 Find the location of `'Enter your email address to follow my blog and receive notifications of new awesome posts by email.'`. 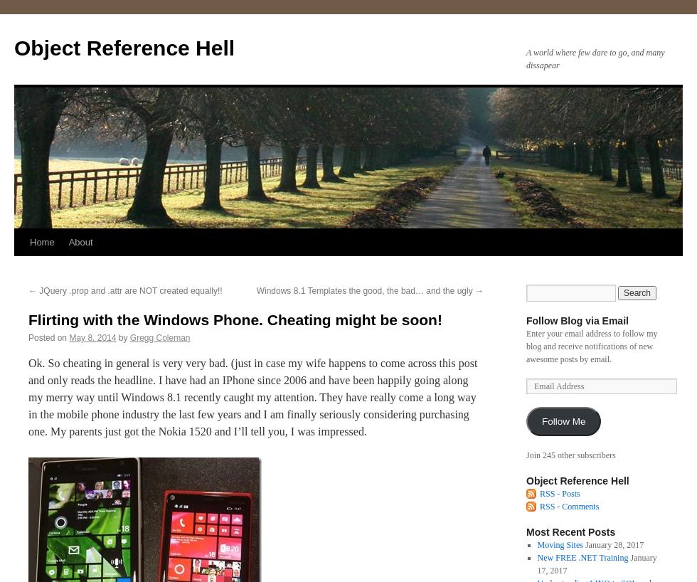

'Enter your email address to follow my blog and receive notifications of new awesome posts by email.' is located at coordinates (526, 346).